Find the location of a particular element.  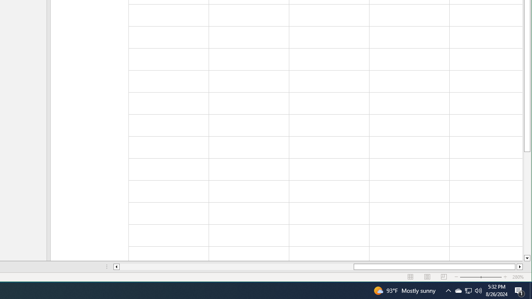

'Zoom Out' is located at coordinates (481, 277).